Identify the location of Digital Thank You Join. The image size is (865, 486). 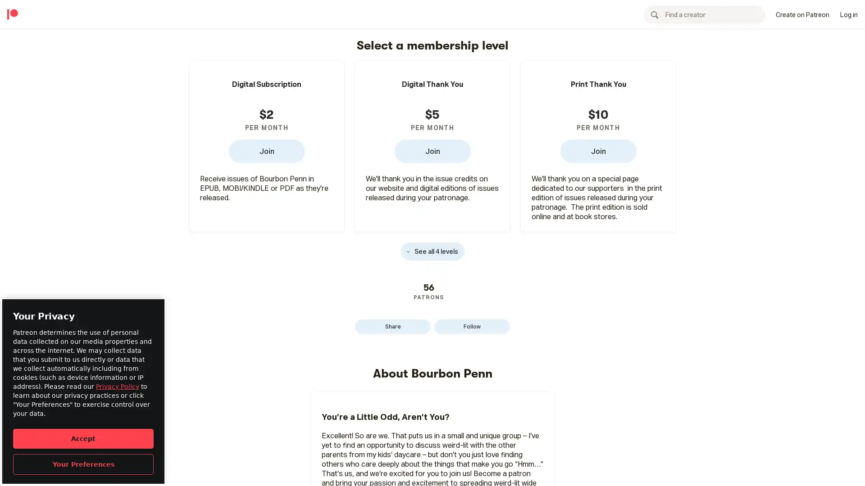
(432, 150).